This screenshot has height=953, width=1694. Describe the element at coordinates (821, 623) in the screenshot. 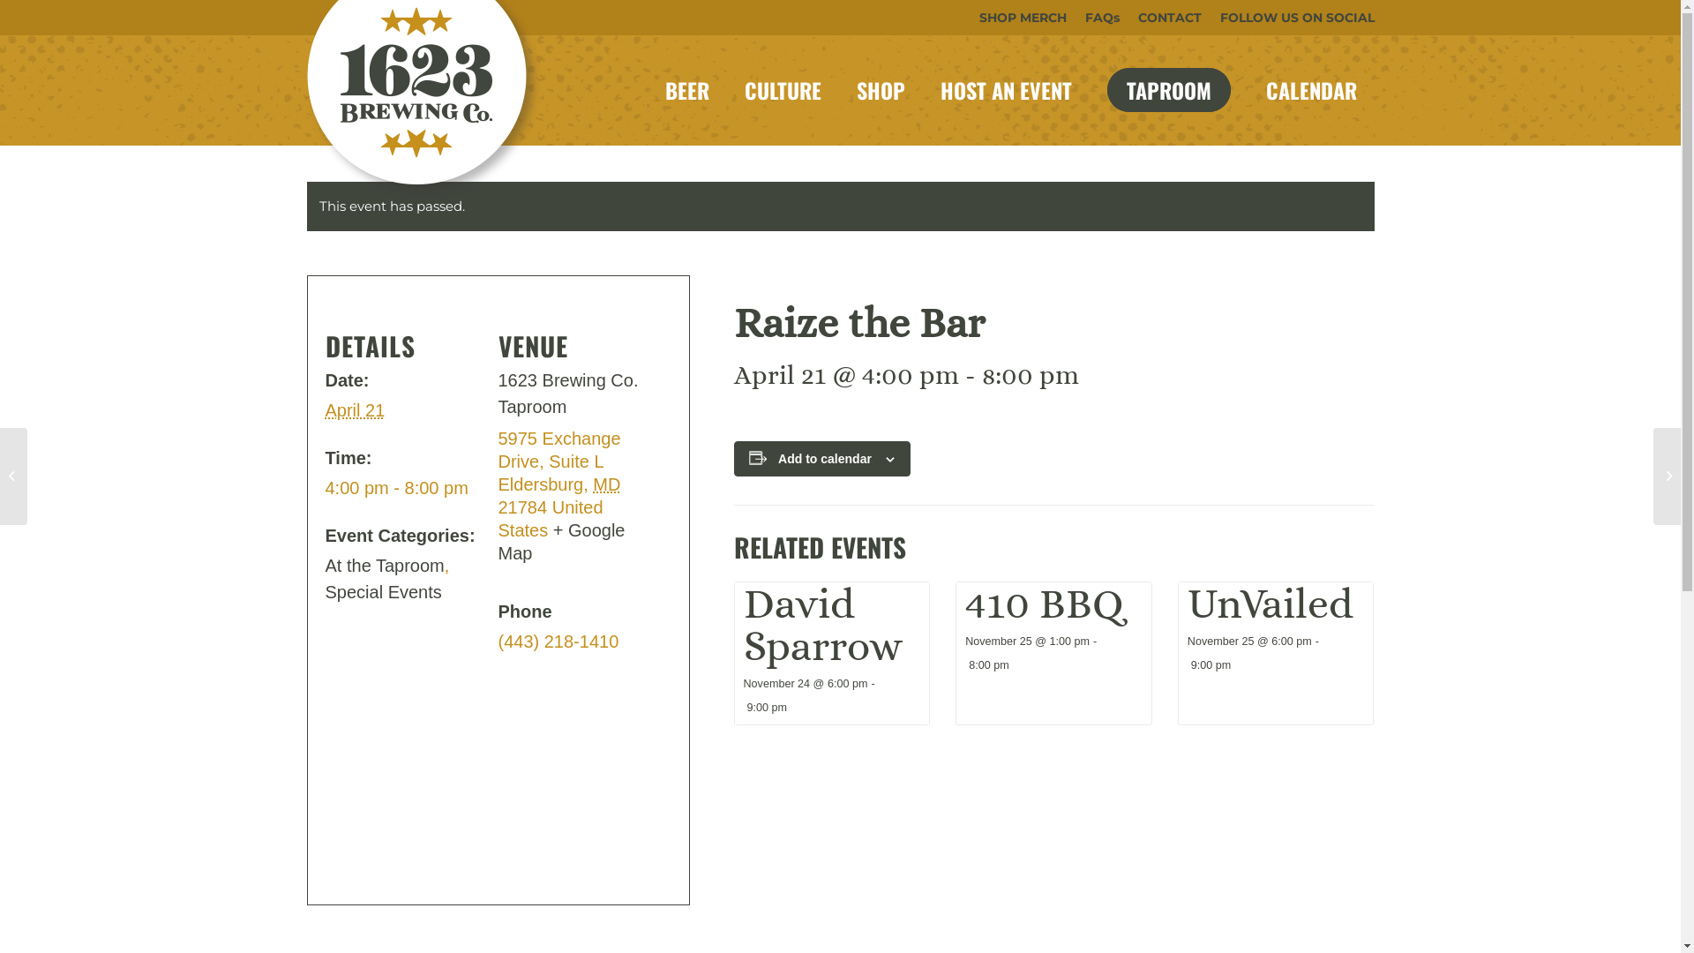

I see `'David Sparrow'` at that location.